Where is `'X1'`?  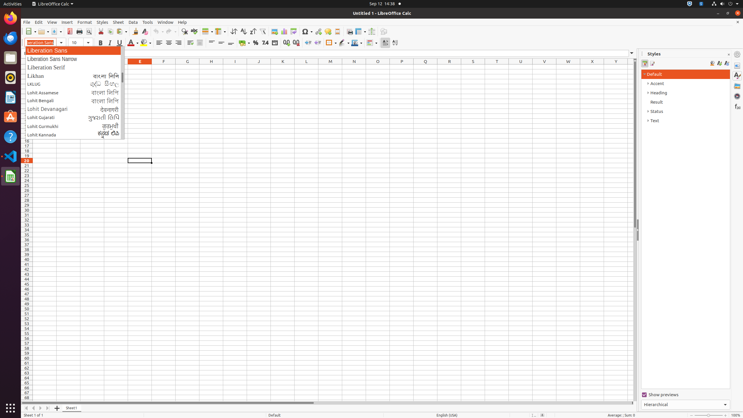 'X1' is located at coordinates (592, 66).